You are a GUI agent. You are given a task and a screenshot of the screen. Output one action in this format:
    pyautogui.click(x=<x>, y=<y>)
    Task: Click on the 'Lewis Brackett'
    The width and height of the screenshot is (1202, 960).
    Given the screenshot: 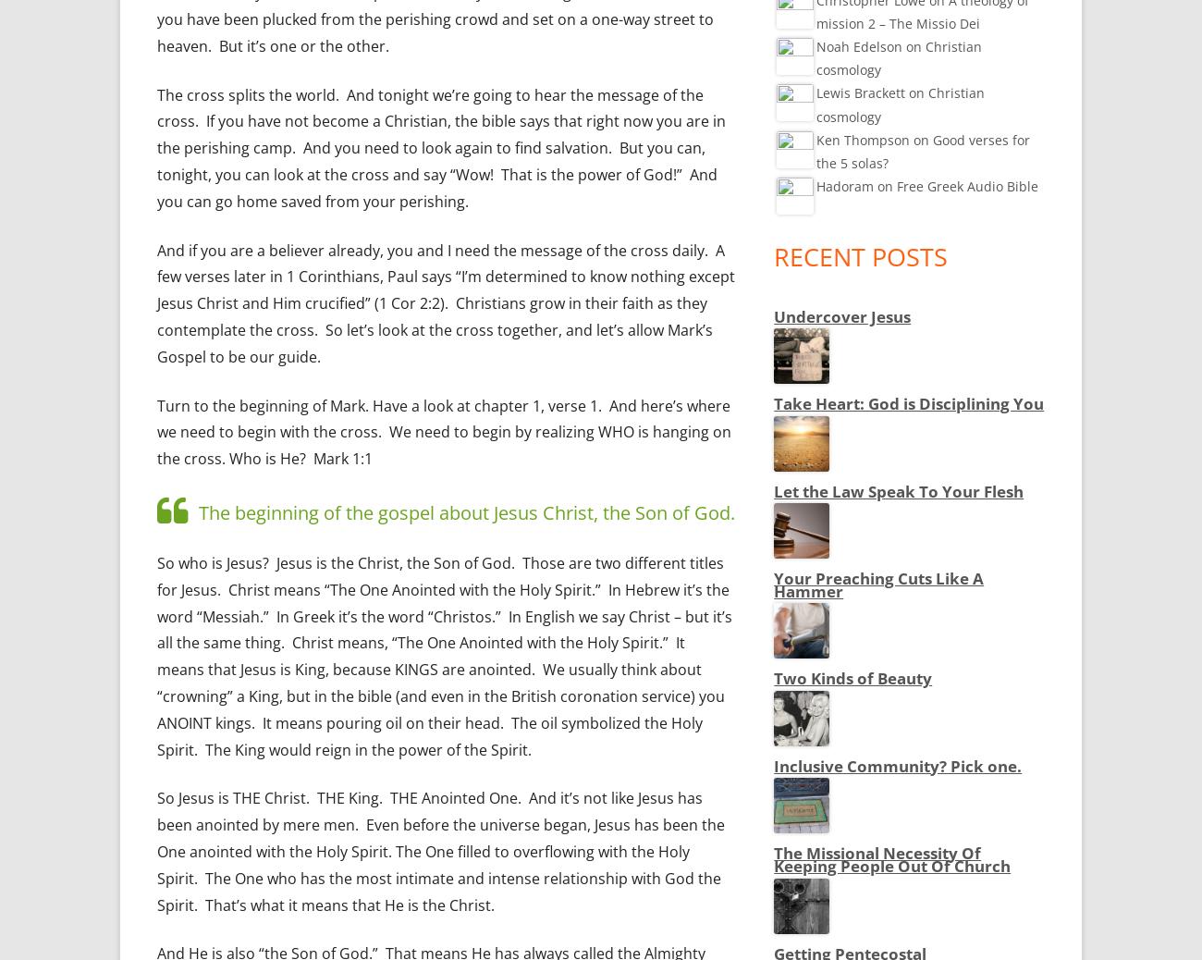 What is the action you would take?
    pyautogui.click(x=861, y=92)
    